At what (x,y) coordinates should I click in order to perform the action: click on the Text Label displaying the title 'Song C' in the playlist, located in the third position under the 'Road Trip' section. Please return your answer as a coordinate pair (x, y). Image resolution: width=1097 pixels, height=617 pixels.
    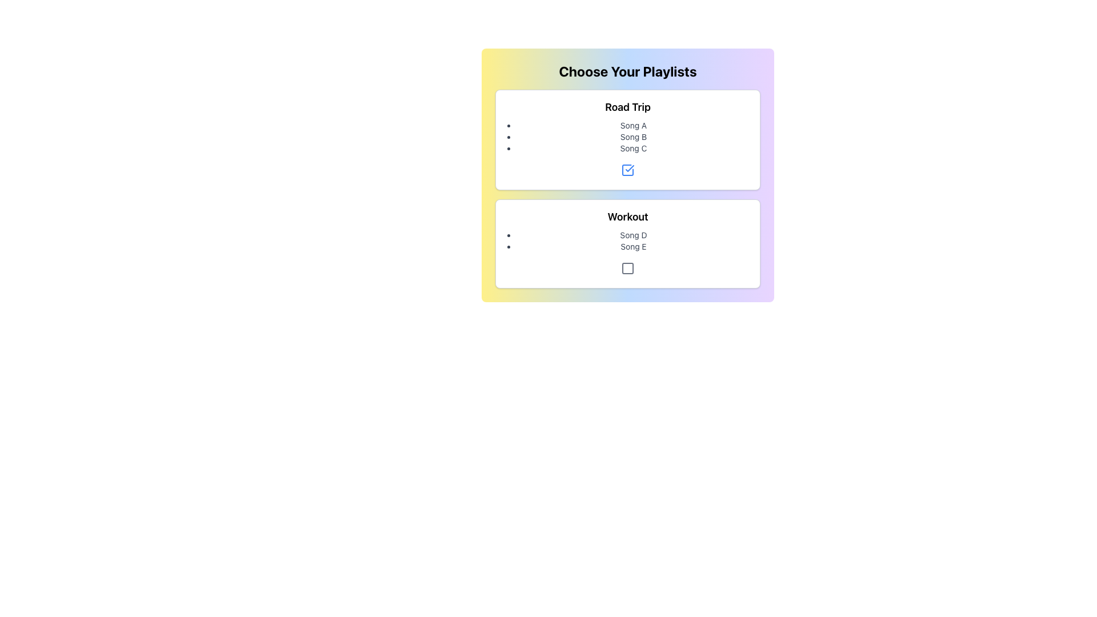
    Looking at the image, I should click on (632, 147).